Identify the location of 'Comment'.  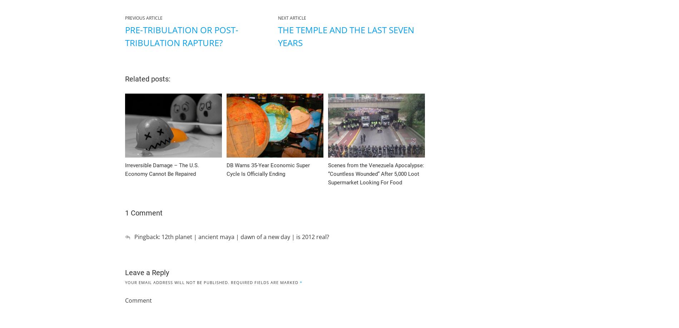
(138, 300).